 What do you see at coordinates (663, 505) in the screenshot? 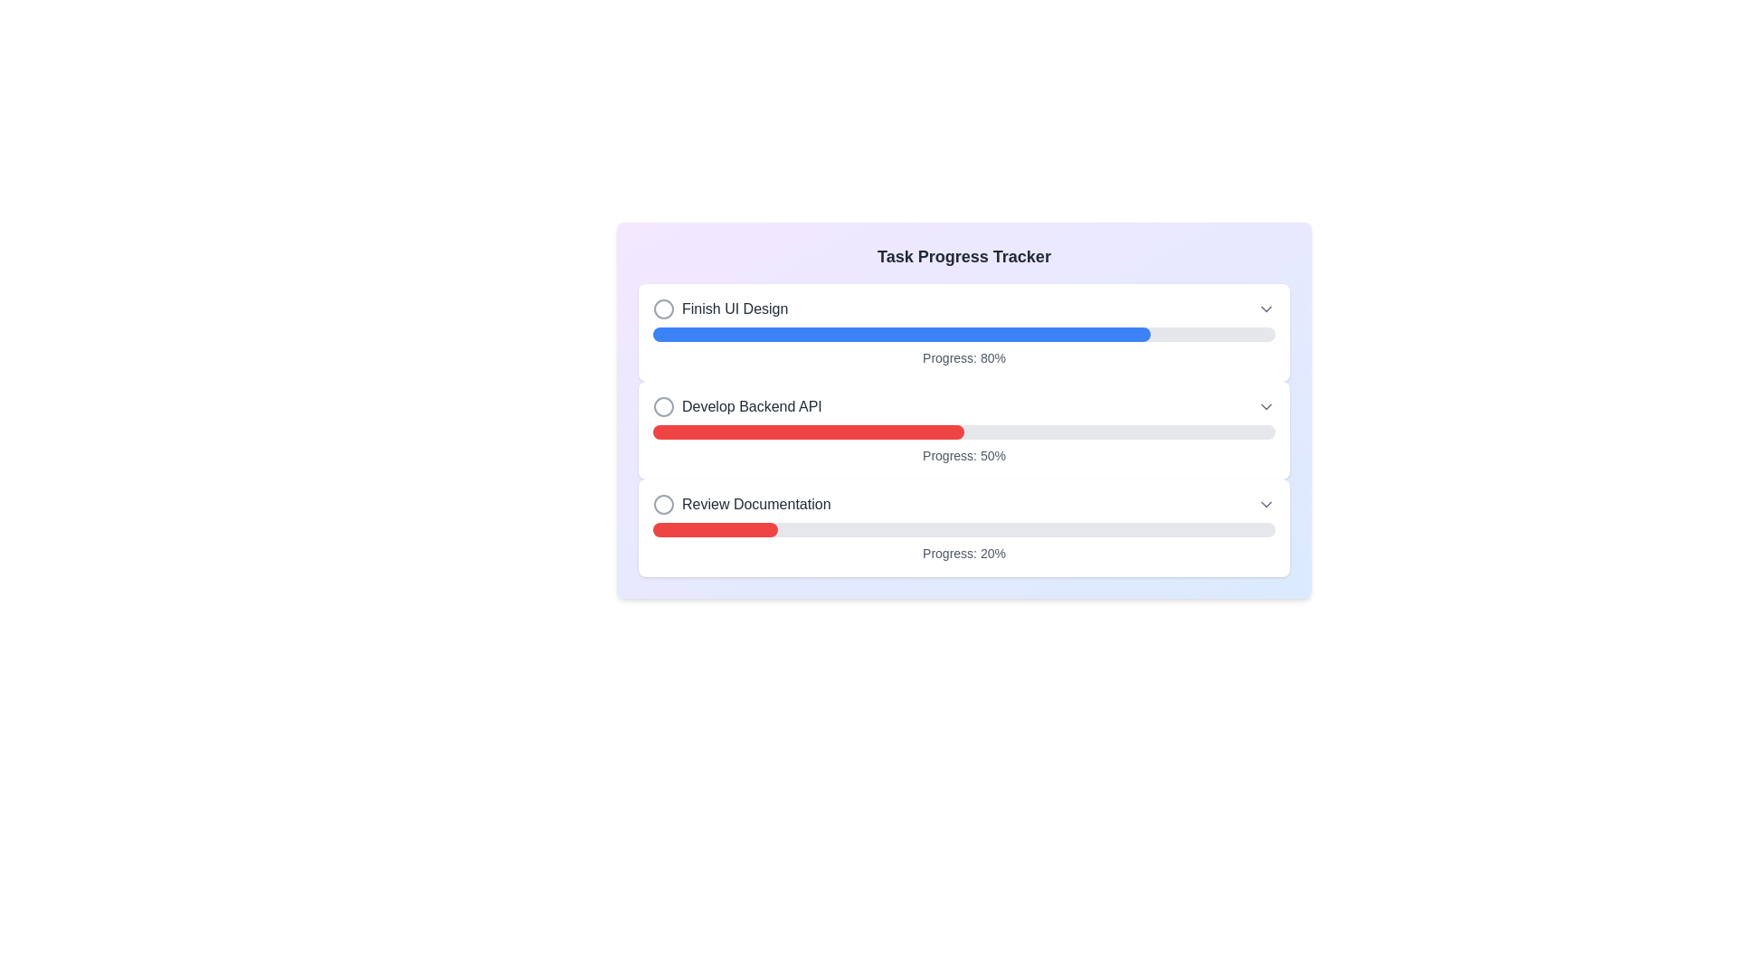
I see `the gray stroke circular outline icon located to the left of the text 'Review Documentation'` at bounding box center [663, 505].